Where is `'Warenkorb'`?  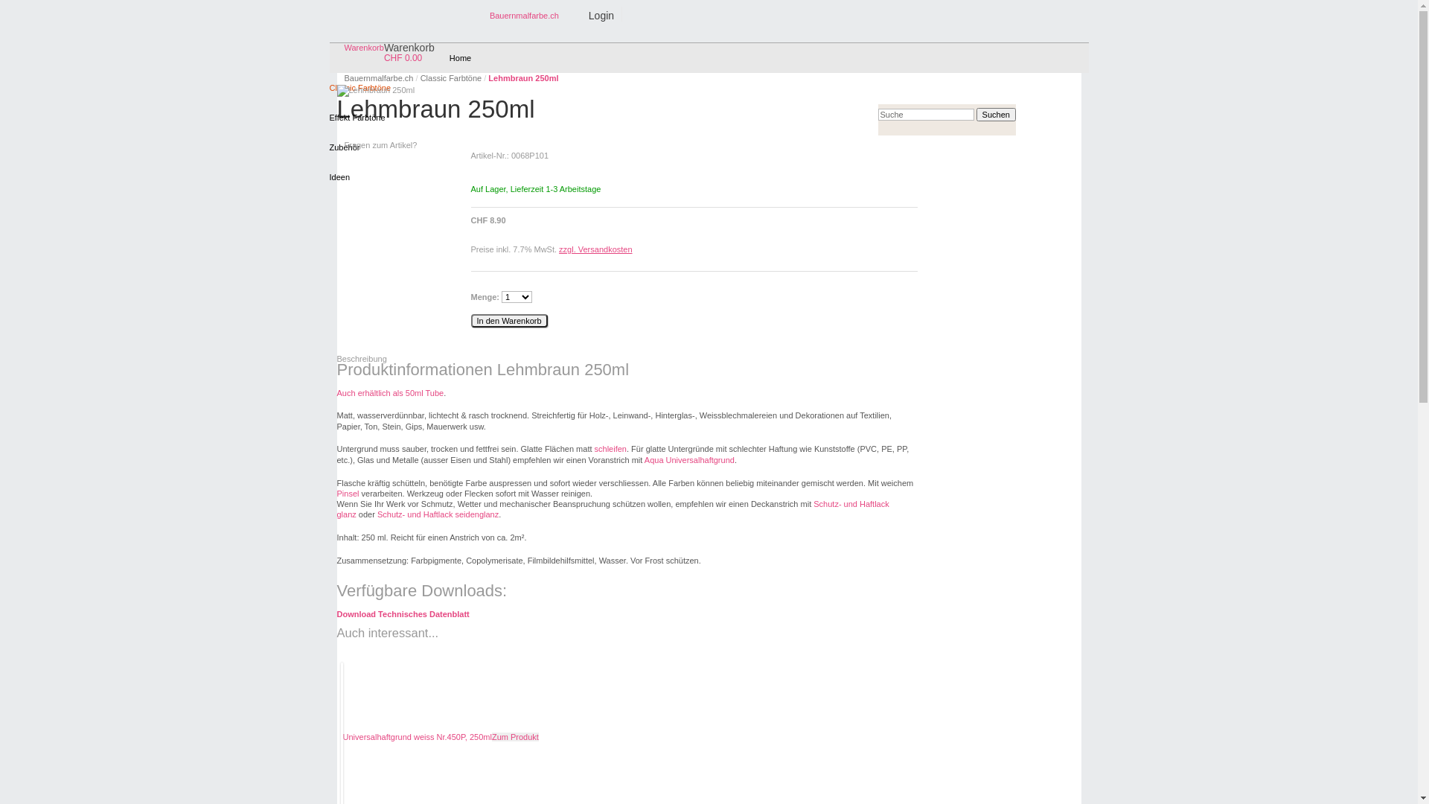 'Warenkorb' is located at coordinates (409, 47).